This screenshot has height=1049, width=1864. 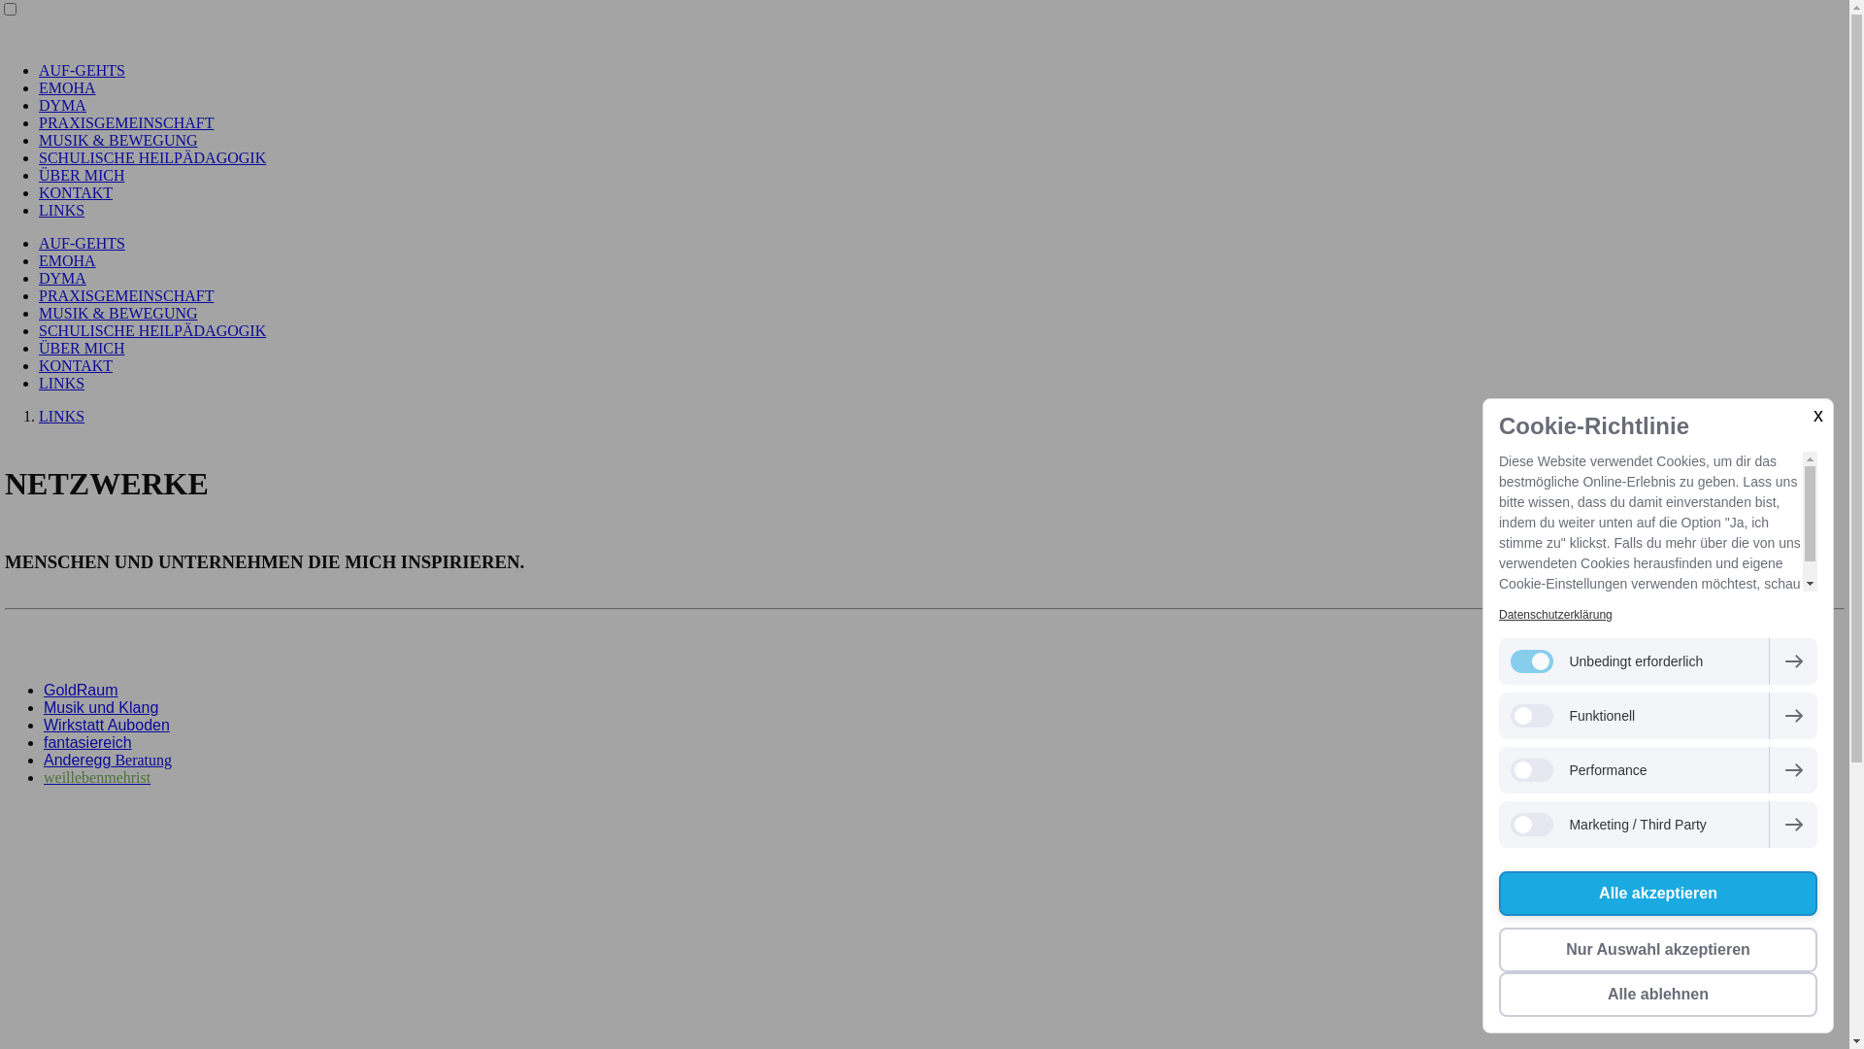 What do you see at coordinates (38, 105) in the screenshot?
I see `'DYMA'` at bounding box center [38, 105].